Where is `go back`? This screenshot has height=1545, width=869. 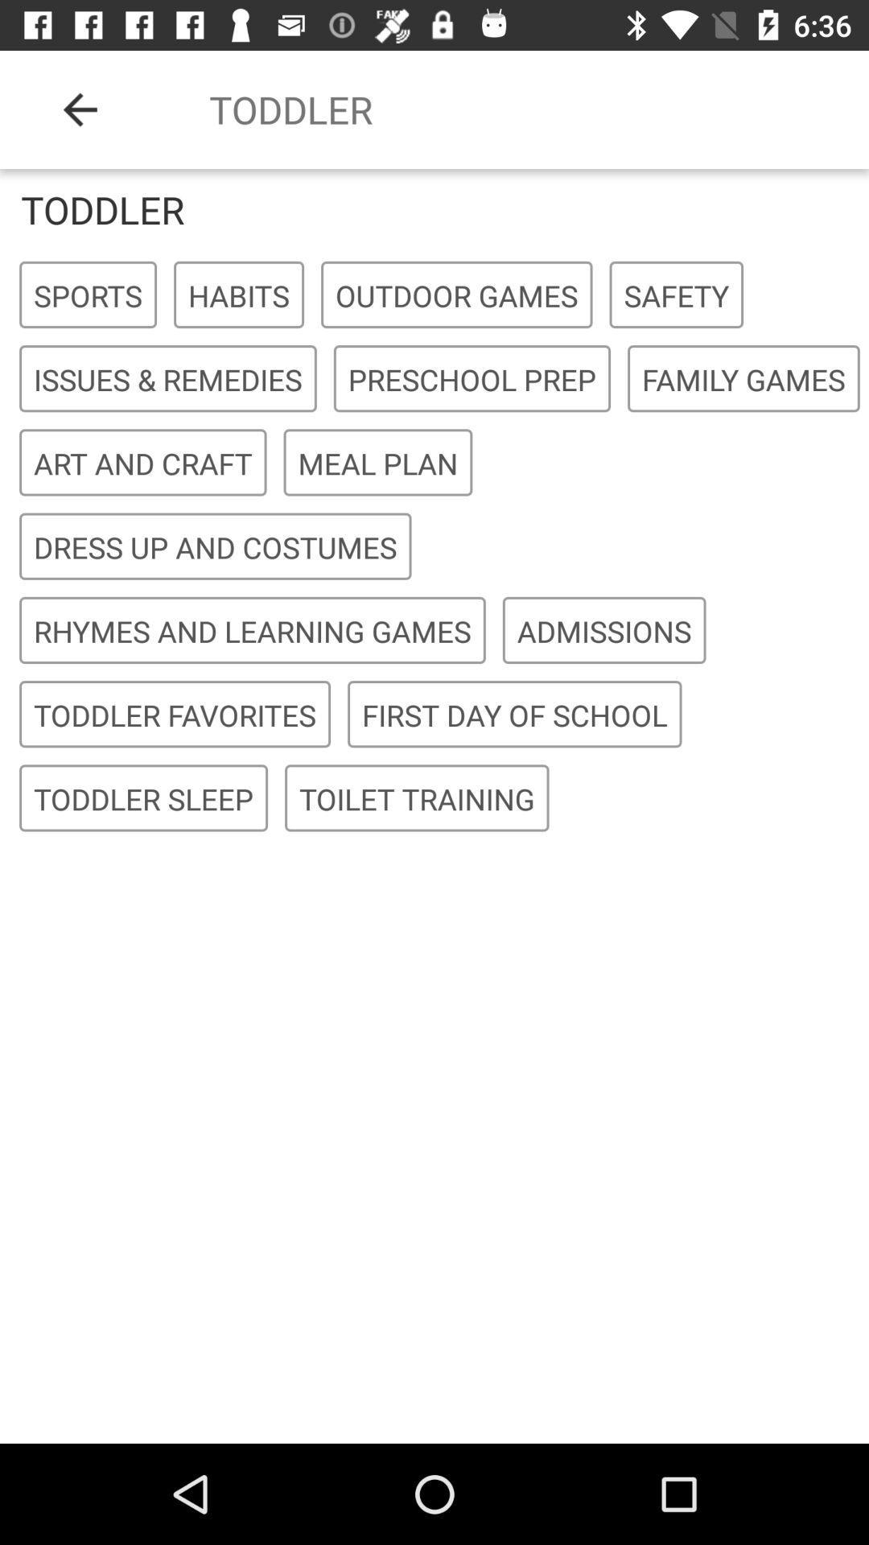
go back is located at coordinates (80, 109).